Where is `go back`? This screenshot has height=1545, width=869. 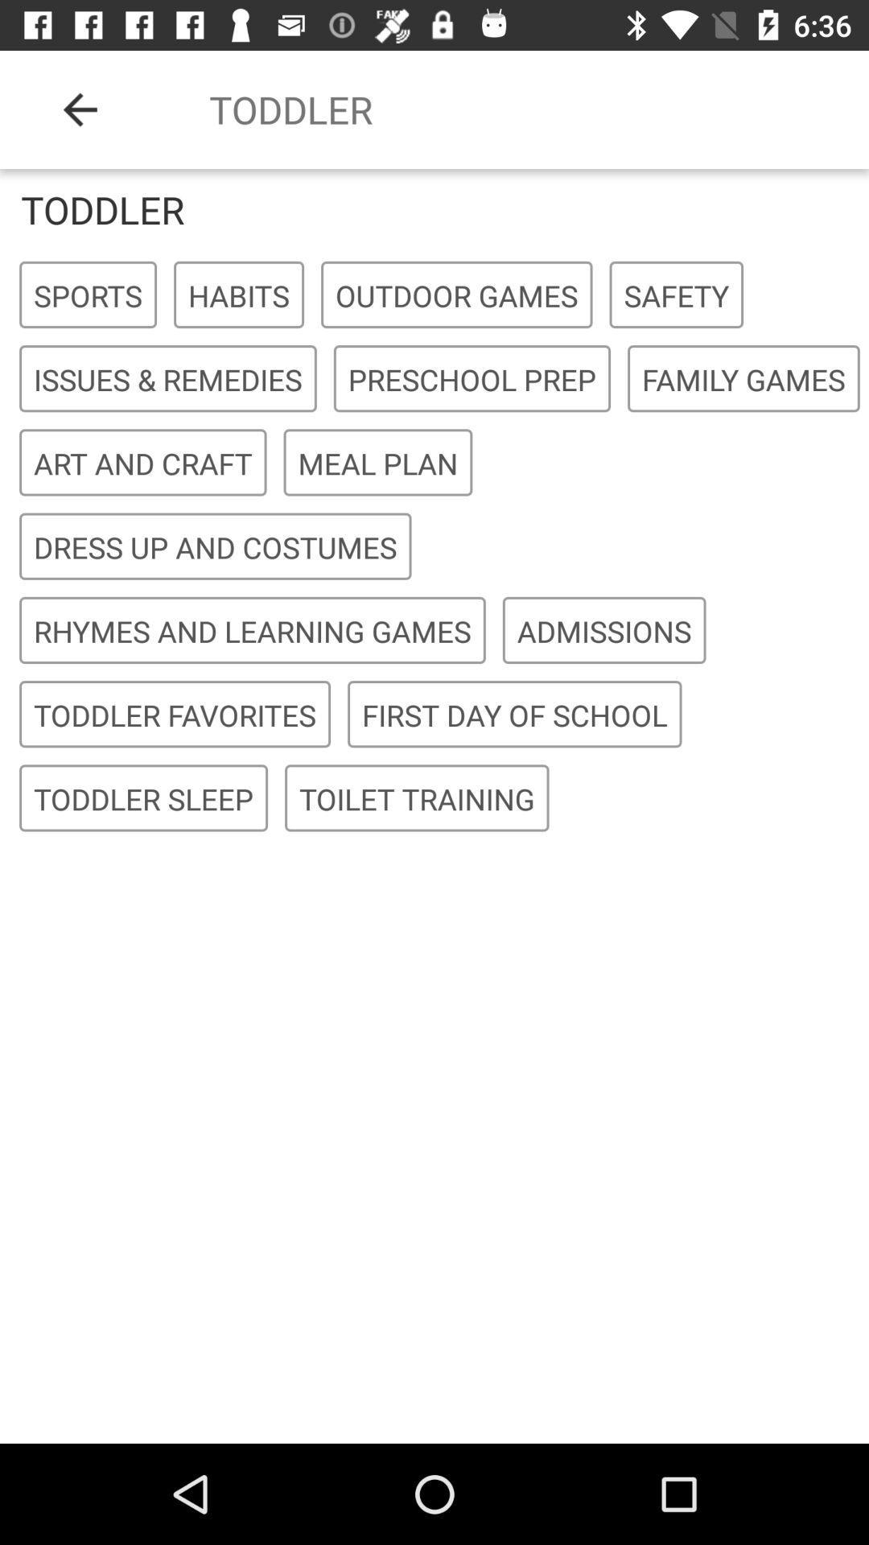
go back is located at coordinates (80, 109).